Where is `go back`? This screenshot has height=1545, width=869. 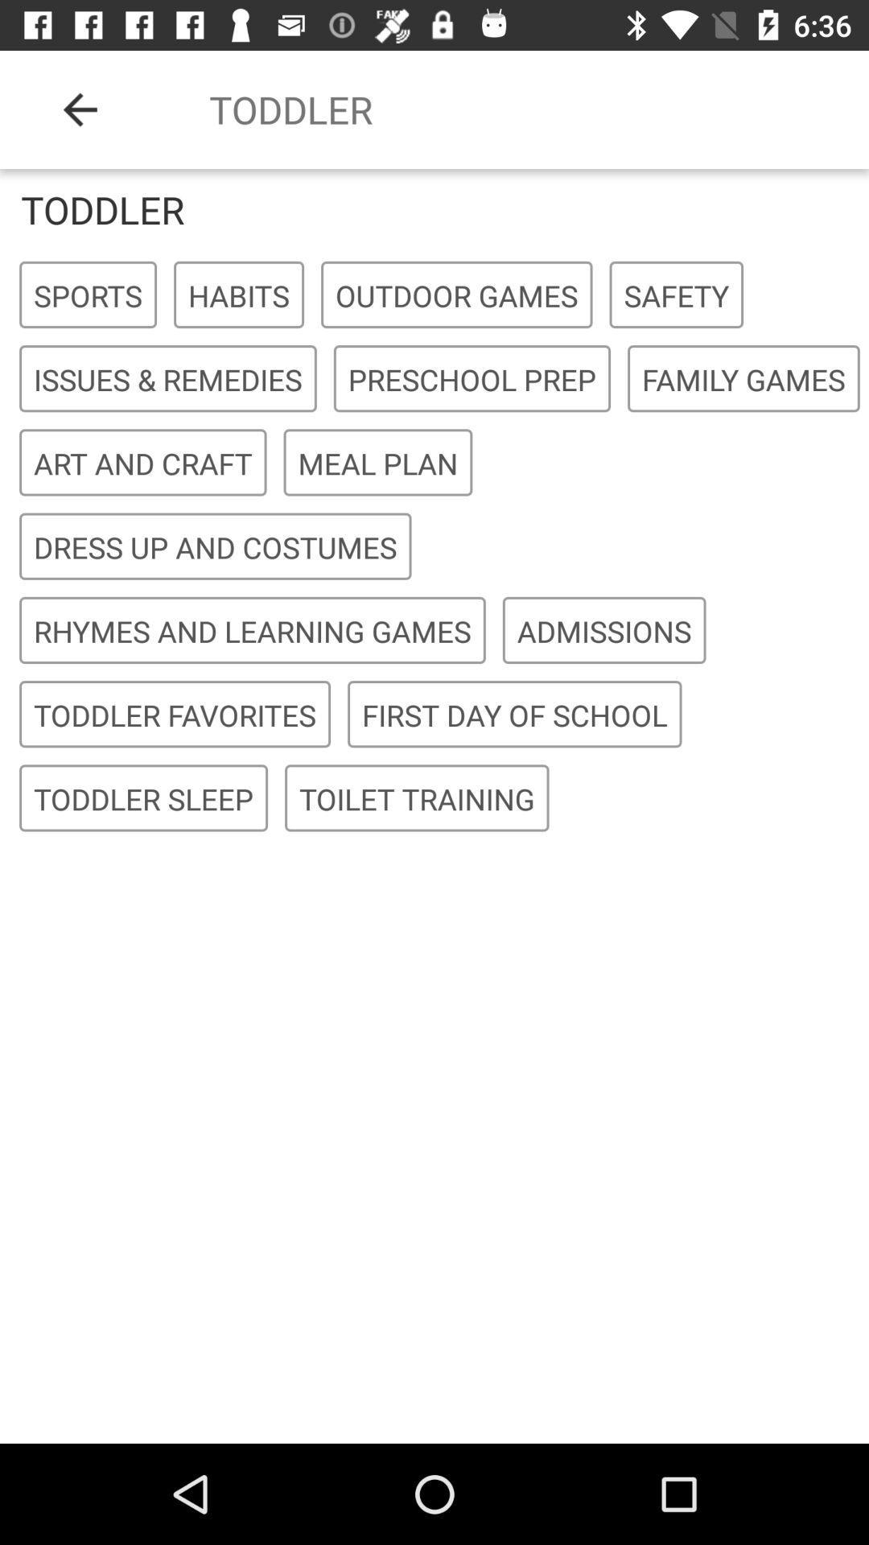
go back is located at coordinates (80, 109).